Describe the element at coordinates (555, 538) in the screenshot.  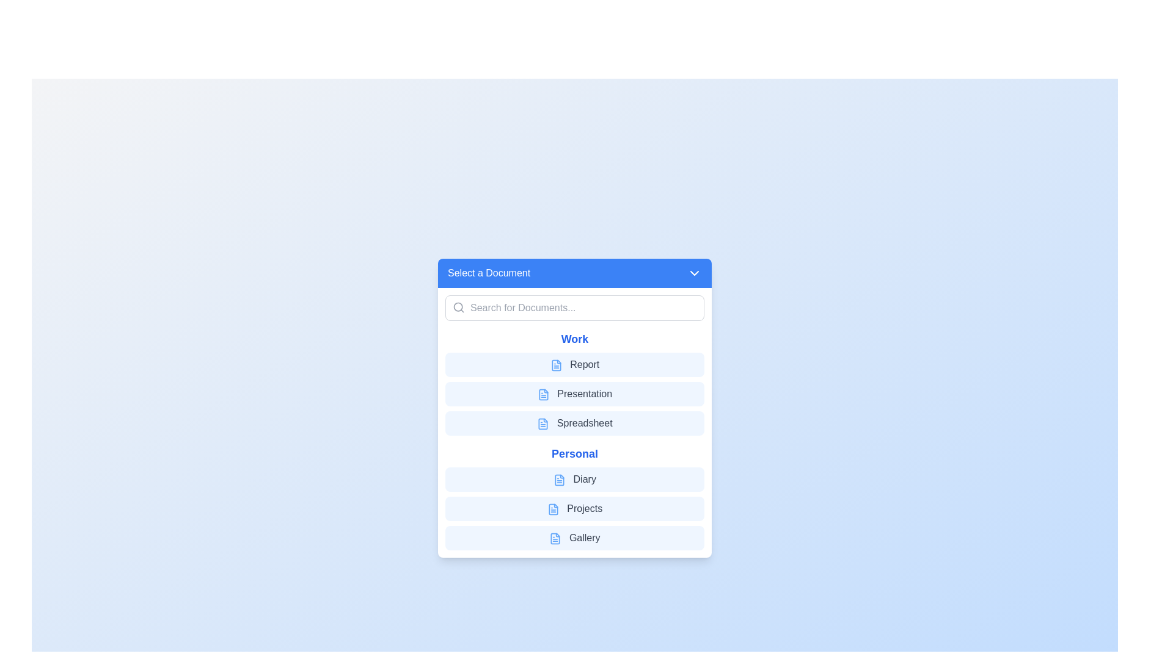
I see `the 'Gallery' icon located in the bottom section of the dropdown menu under 'Personal', which visually indicates the 'Gallery' option` at that location.